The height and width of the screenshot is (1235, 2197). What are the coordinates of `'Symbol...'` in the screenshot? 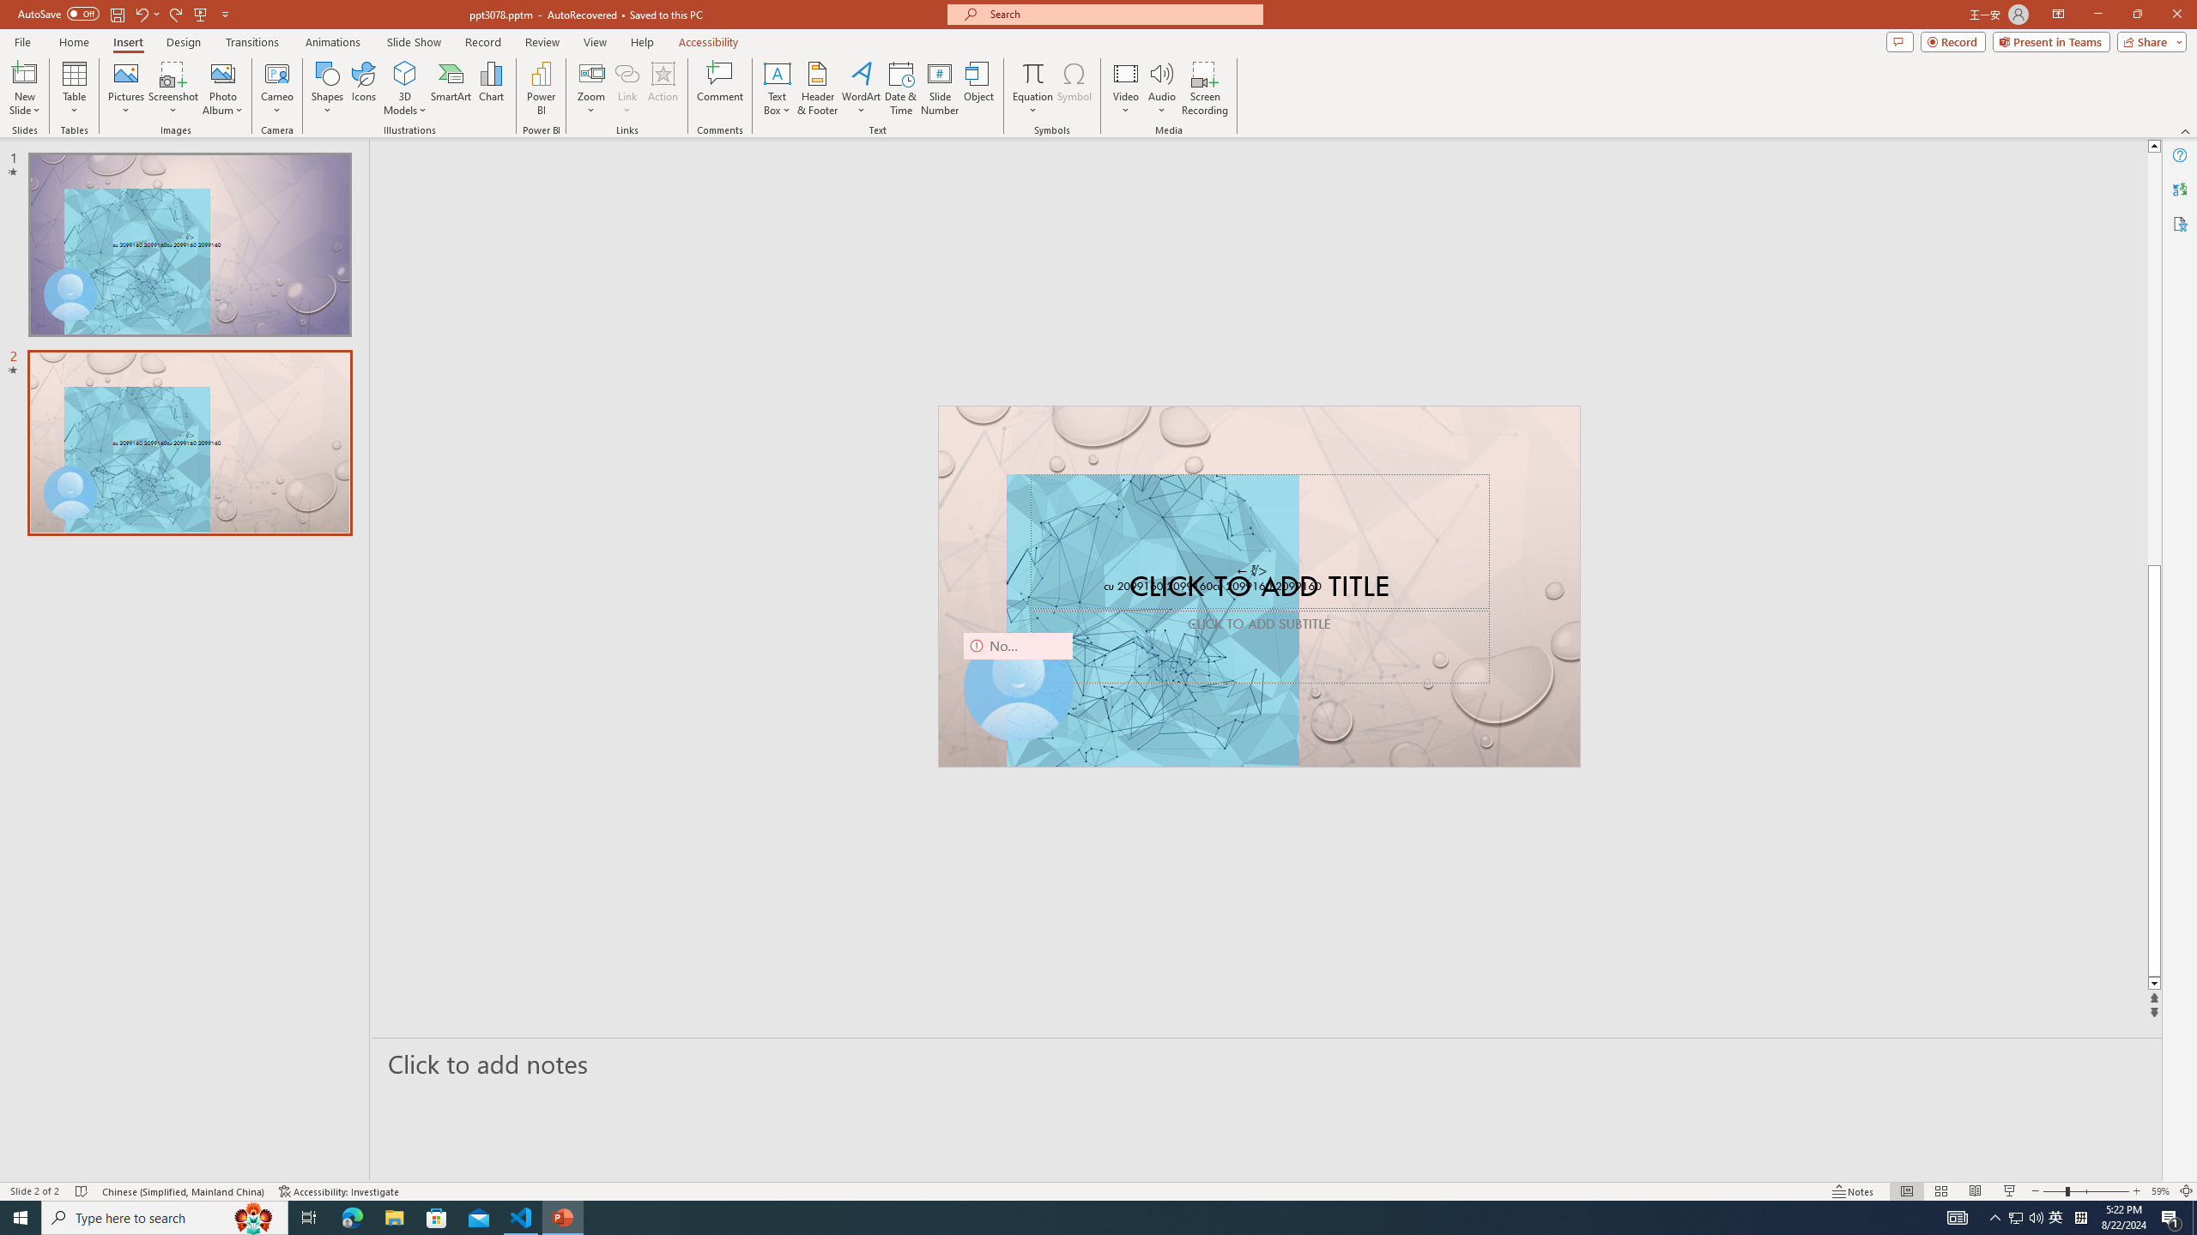 It's located at (1074, 88).